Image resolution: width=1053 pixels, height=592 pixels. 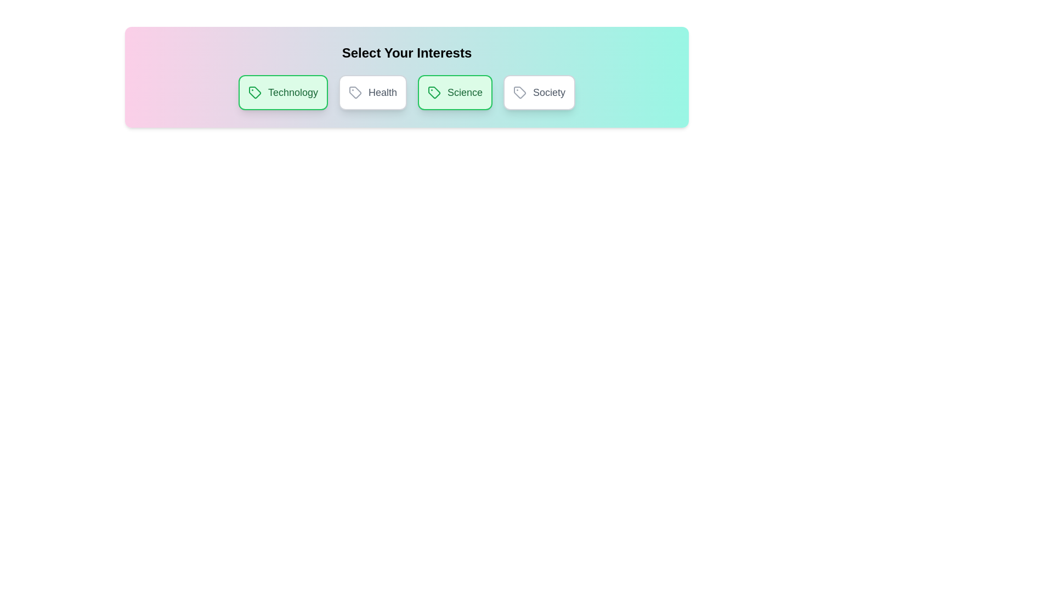 What do you see at coordinates (283, 92) in the screenshot?
I see `the chip labeled Technology` at bounding box center [283, 92].